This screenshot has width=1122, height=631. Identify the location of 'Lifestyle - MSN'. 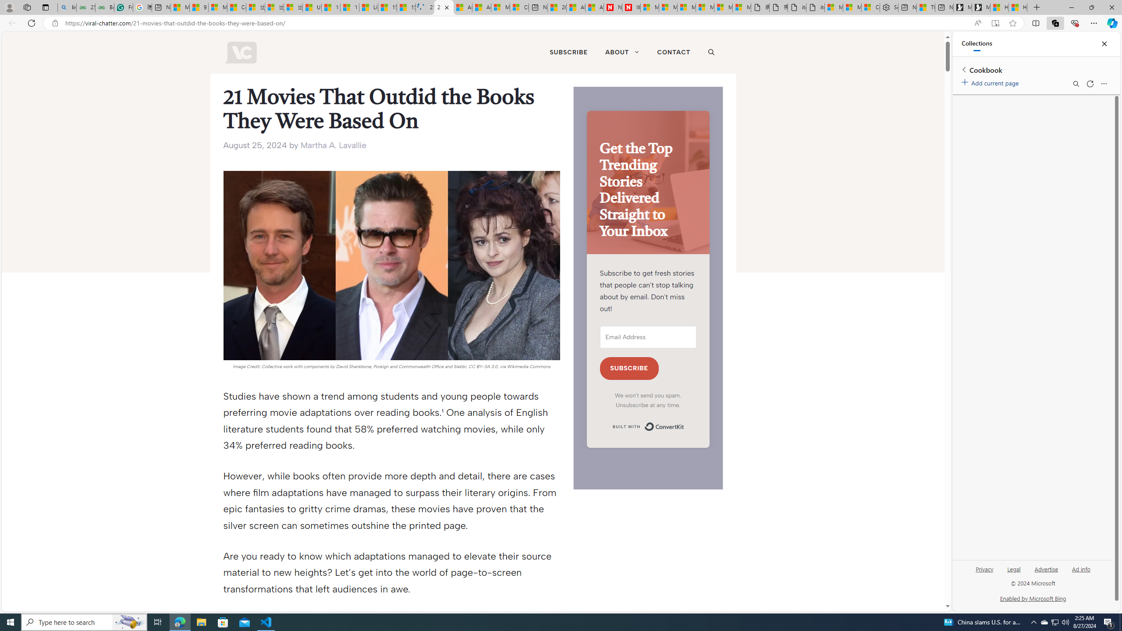
(368, 7).